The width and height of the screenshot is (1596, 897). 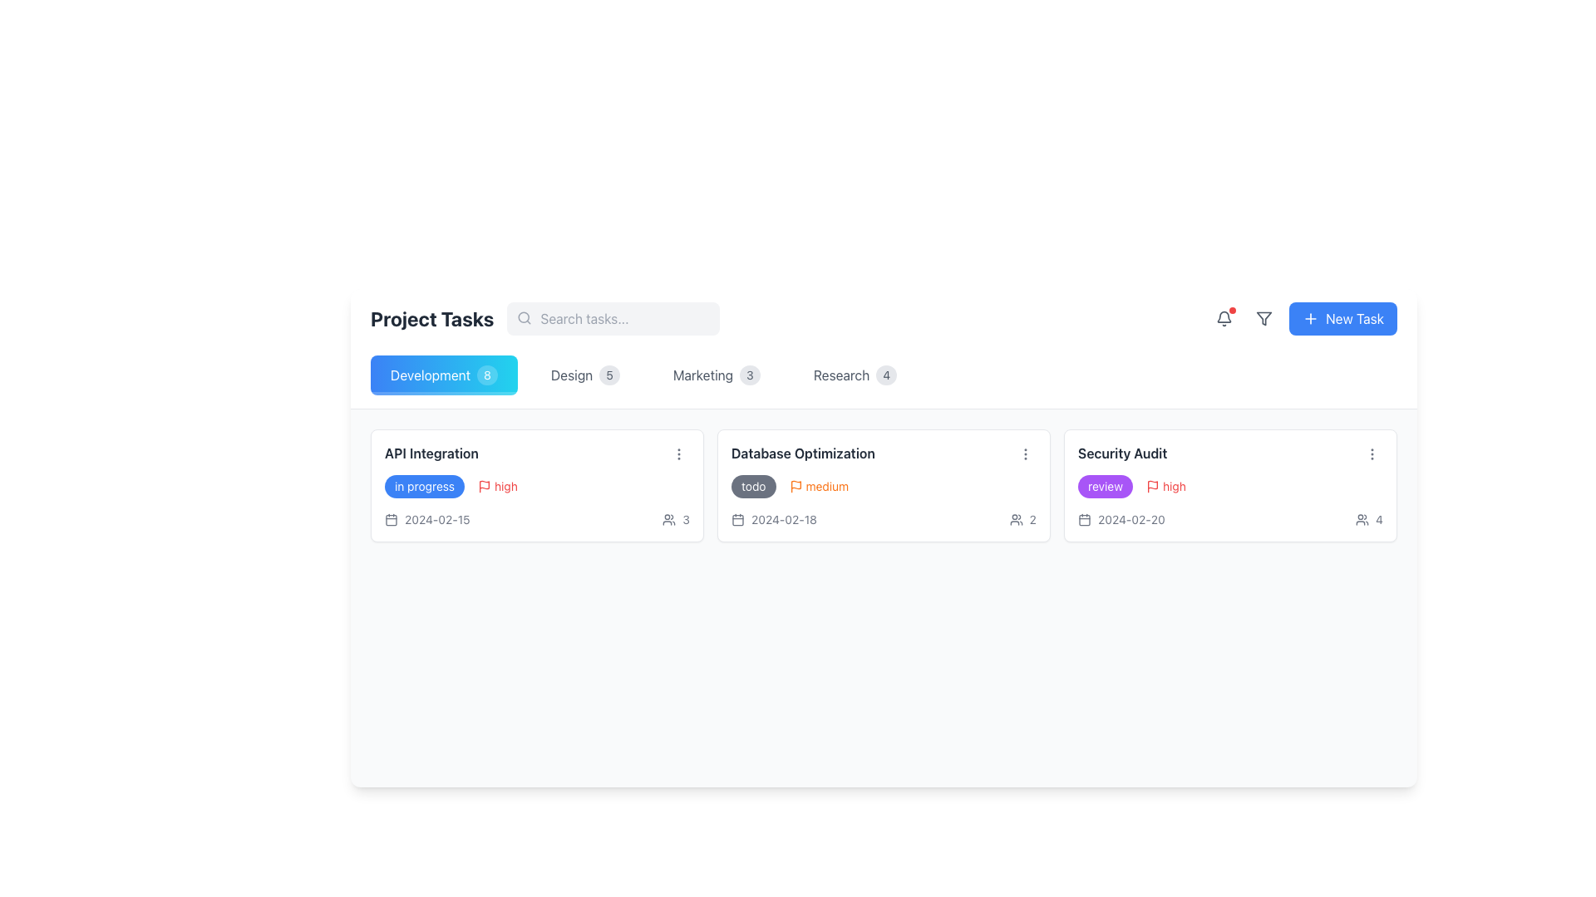 I want to click on the Icon and Text Pair indicating the participant or user count in the bottom-right corner of the 'Database Optimization' card, so click(x=1022, y=518).